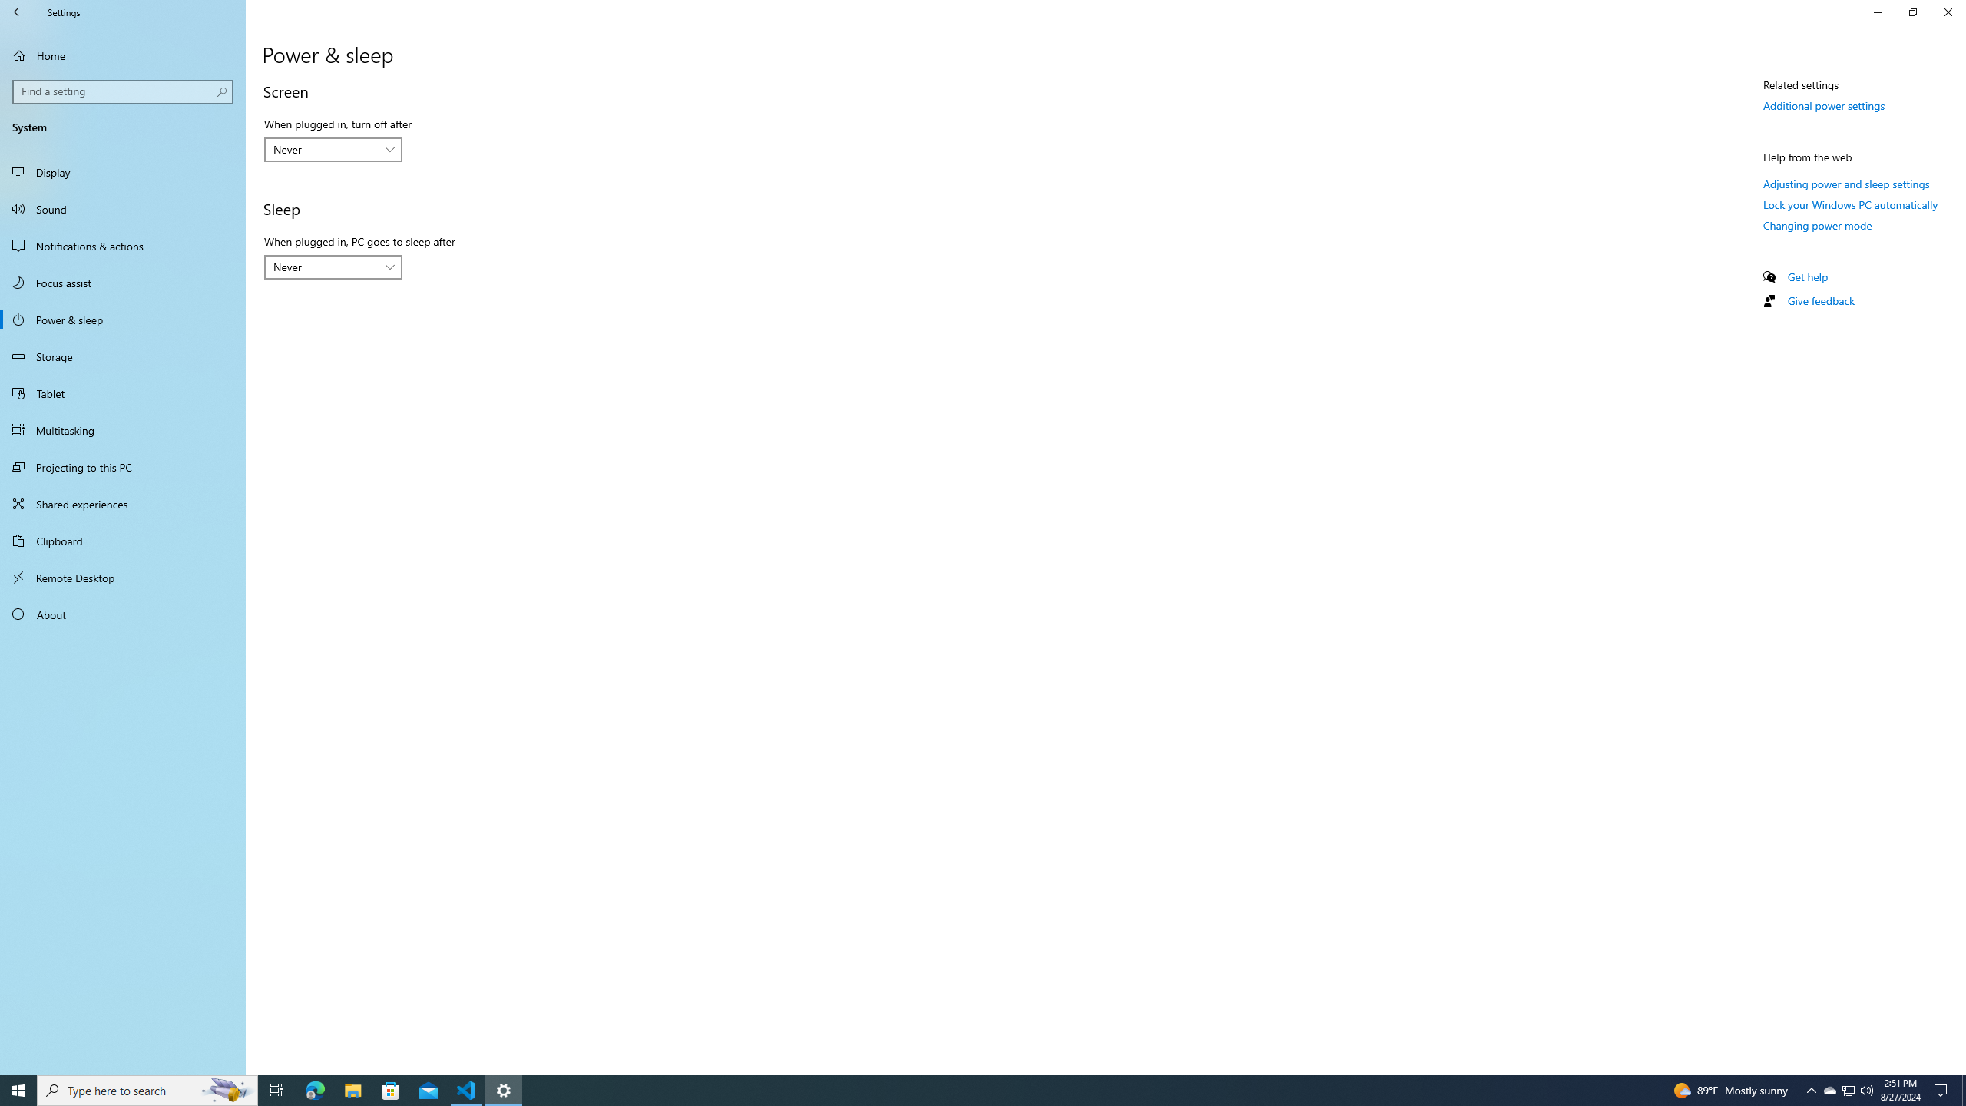 This screenshot has width=1966, height=1106. What do you see at coordinates (122, 467) in the screenshot?
I see `'Projecting to this PC'` at bounding box center [122, 467].